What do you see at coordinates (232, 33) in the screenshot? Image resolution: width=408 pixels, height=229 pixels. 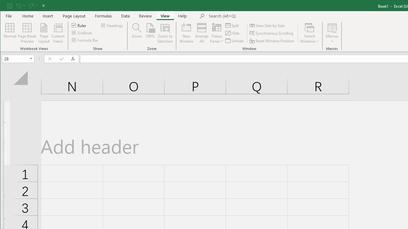 I see `'Hide'` at bounding box center [232, 33].